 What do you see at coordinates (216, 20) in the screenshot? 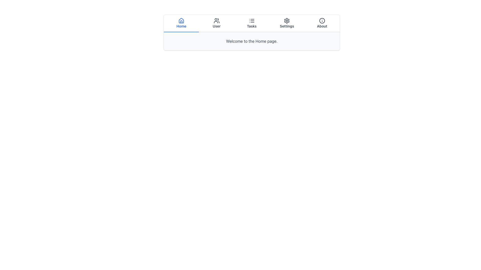
I see `the User icon in the horizontal navigation bar` at bounding box center [216, 20].